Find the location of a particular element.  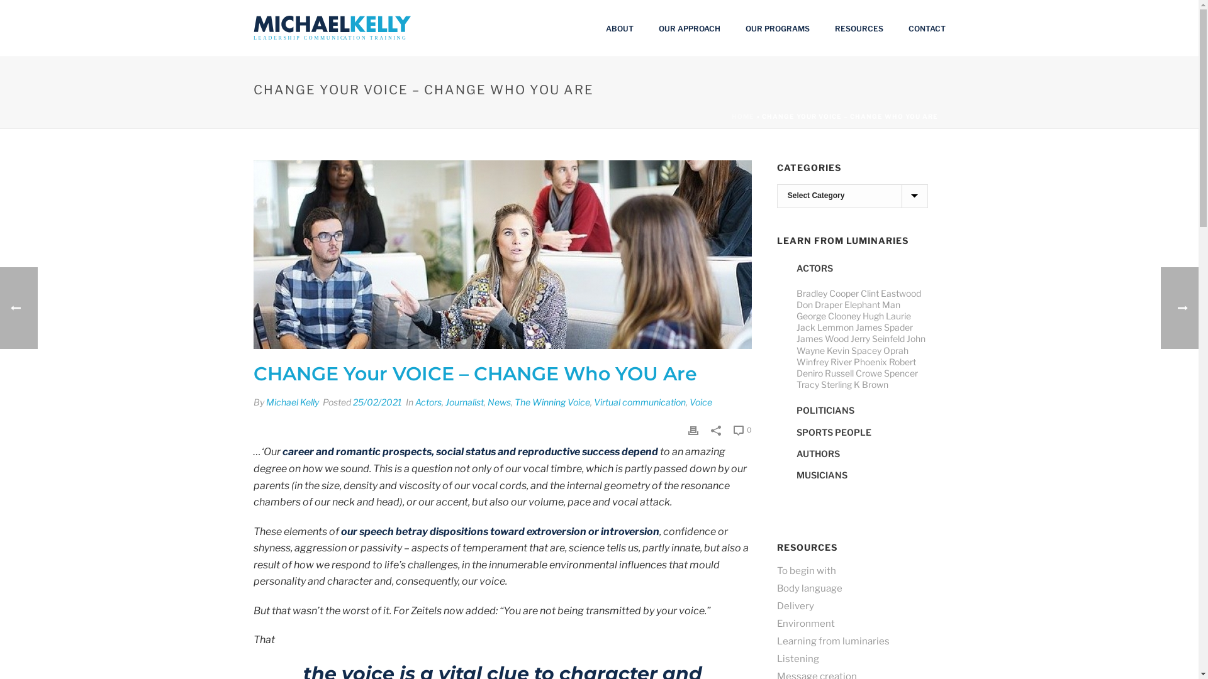

'CONTACT' is located at coordinates (927, 28).